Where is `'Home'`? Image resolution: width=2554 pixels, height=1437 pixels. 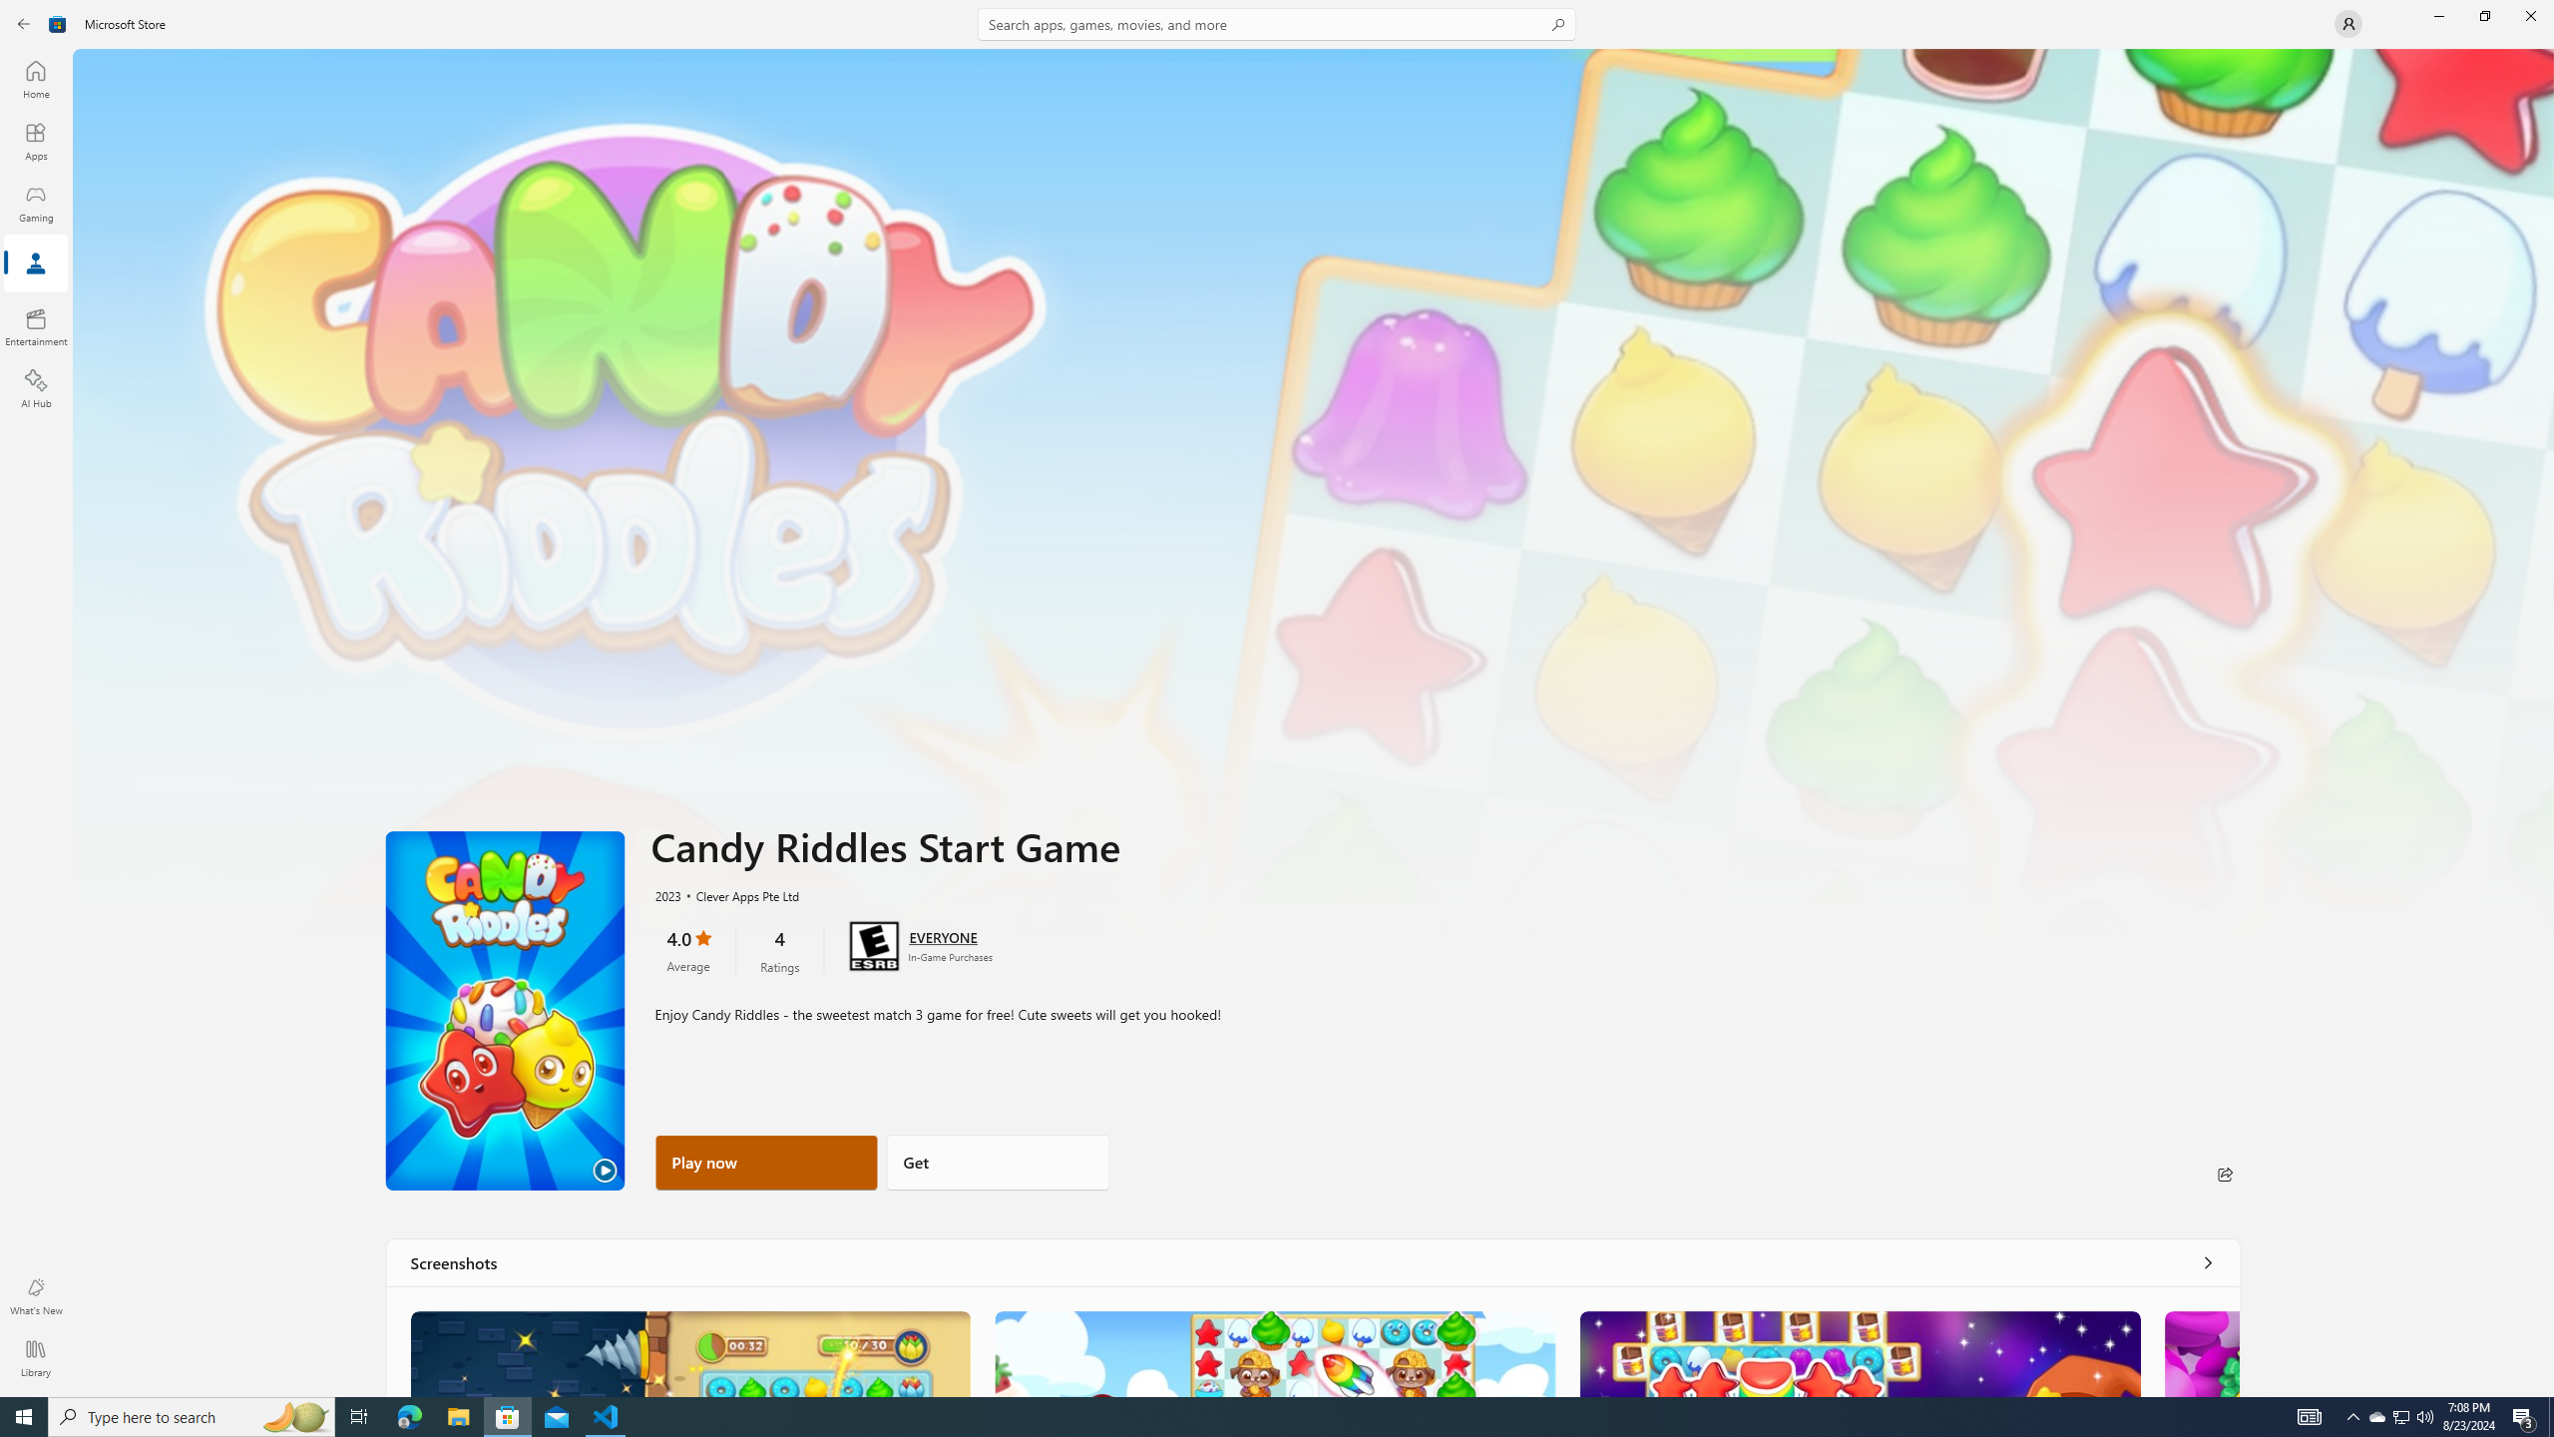 'Home' is located at coordinates (34, 78).